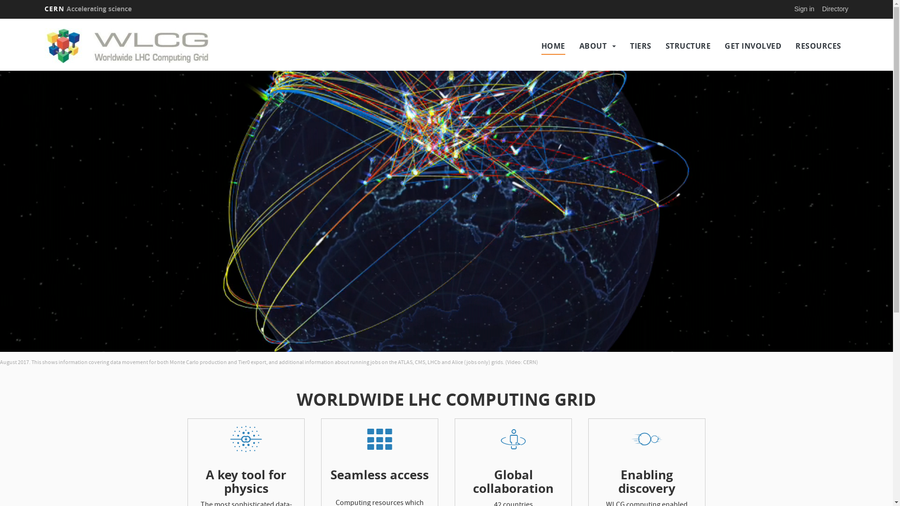 Image resolution: width=900 pixels, height=506 pixels. What do you see at coordinates (553, 45) in the screenshot?
I see `'HOME'` at bounding box center [553, 45].